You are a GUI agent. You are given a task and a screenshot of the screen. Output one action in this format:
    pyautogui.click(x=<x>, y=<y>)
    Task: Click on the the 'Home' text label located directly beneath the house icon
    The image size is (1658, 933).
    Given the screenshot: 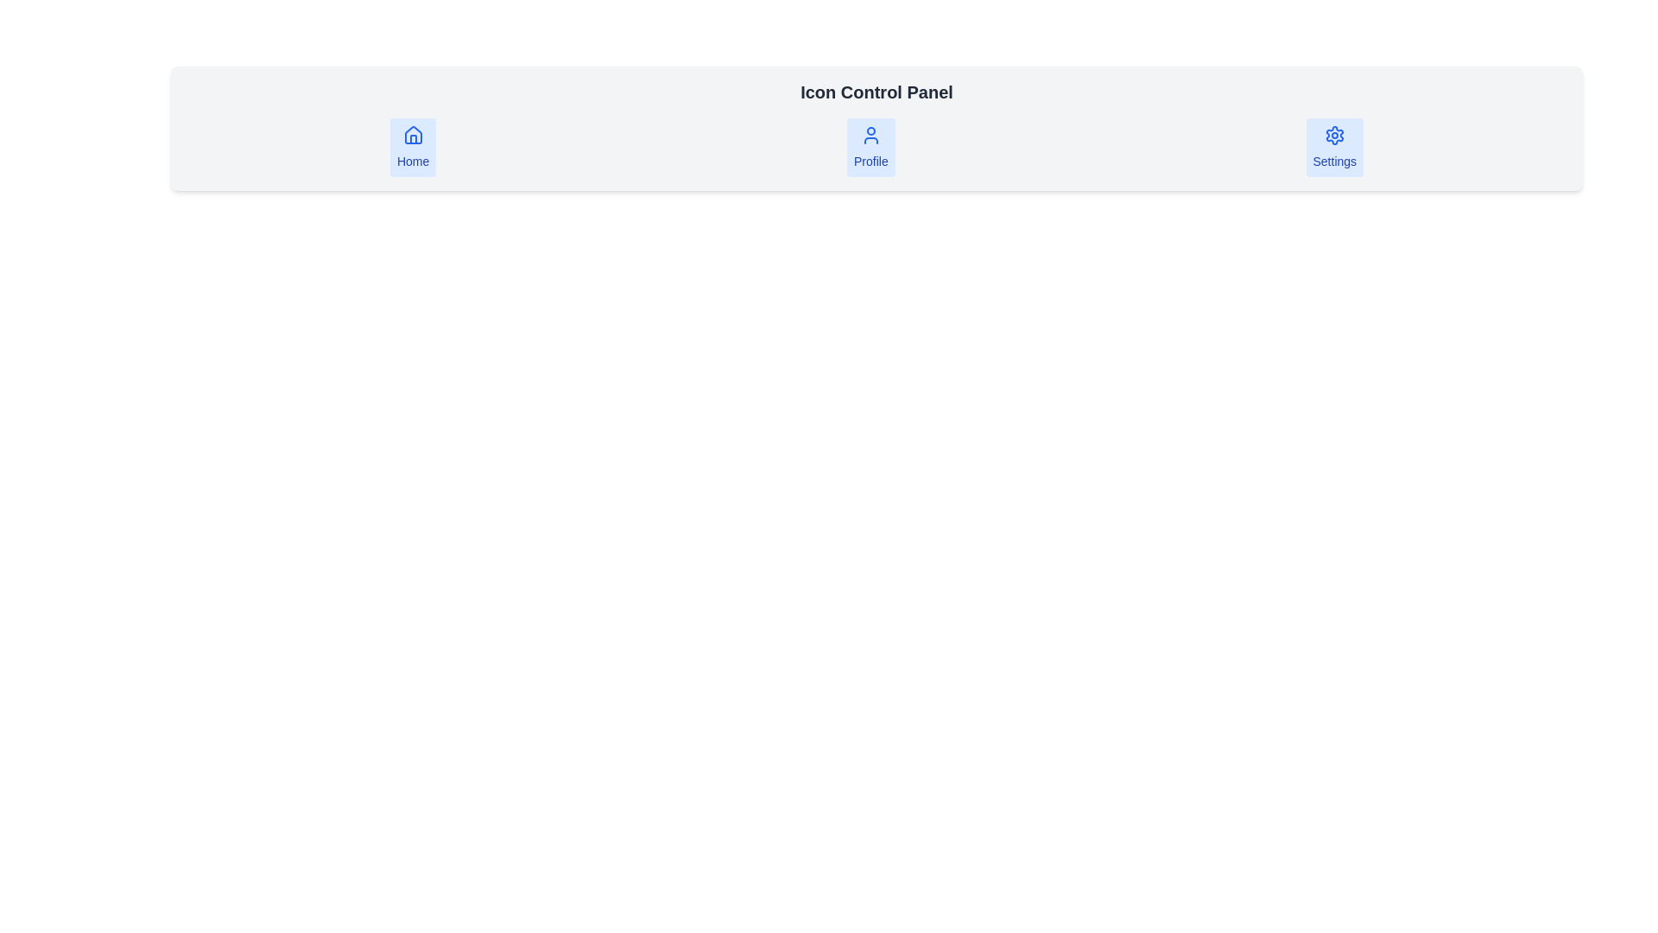 What is the action you would take?
    pyautogui.click(x=412, y=161)
    